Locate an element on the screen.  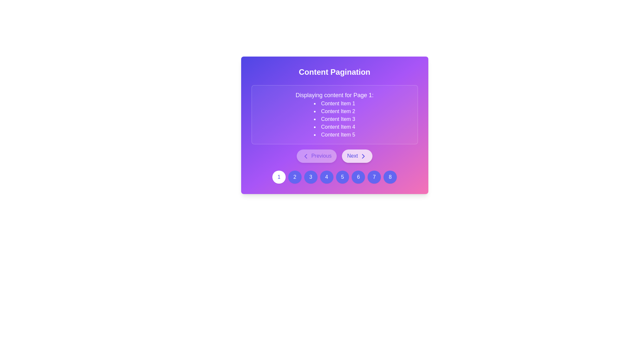
the fifth pagination button located at the bottom of the dialog box to observe interactive effects is located at coordinates (342, 177).